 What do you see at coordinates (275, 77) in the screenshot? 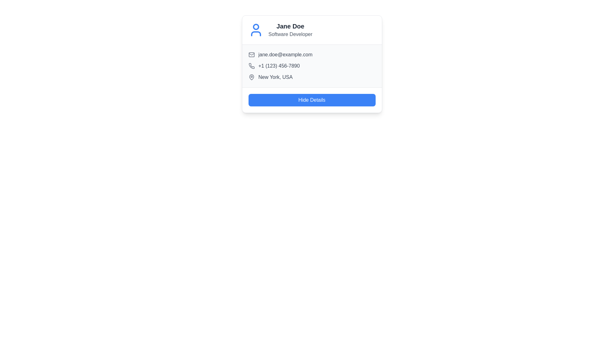
I see `the text element displaying 'New York, USA', which is gray and located under a location icon in the bottom section of the card interface` at bounding box center [275, 77].